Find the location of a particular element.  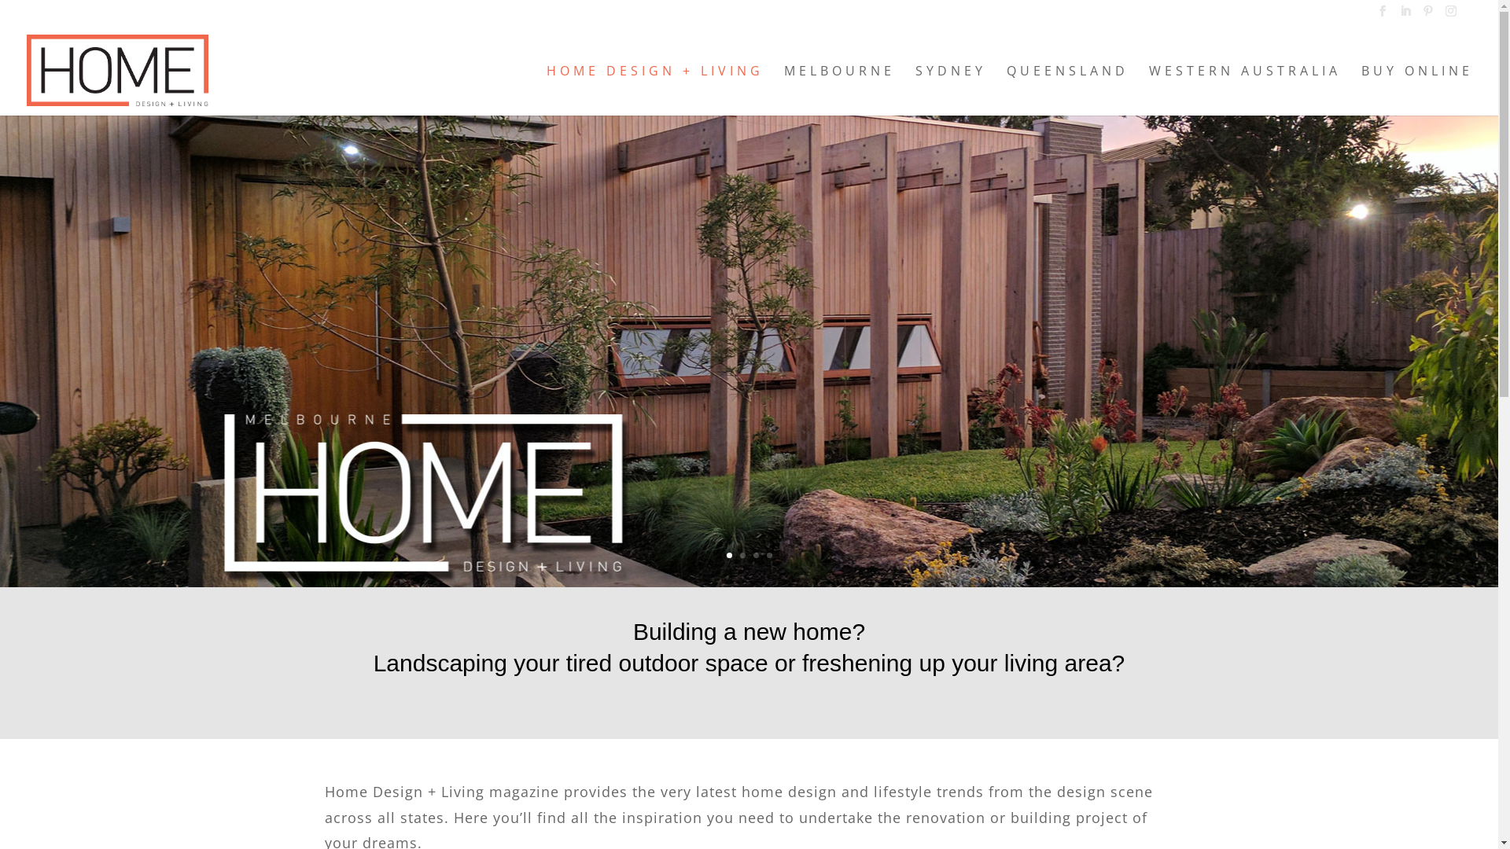

'4' is located at coordinates (768, 554).